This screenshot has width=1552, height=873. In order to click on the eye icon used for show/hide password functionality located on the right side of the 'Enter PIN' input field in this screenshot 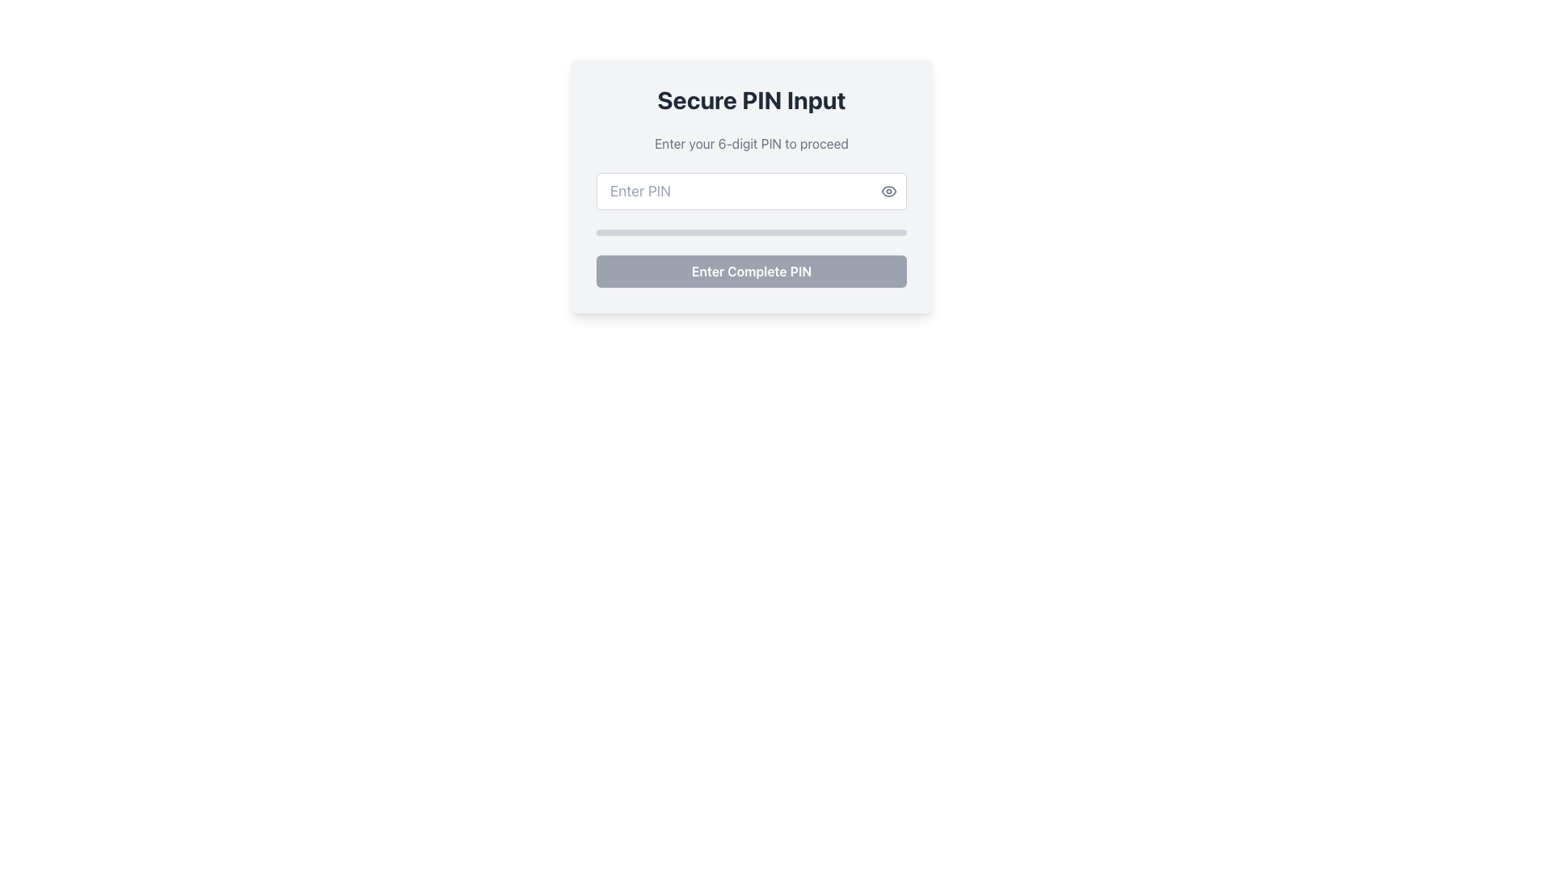, I will do `click(888, 190)`.